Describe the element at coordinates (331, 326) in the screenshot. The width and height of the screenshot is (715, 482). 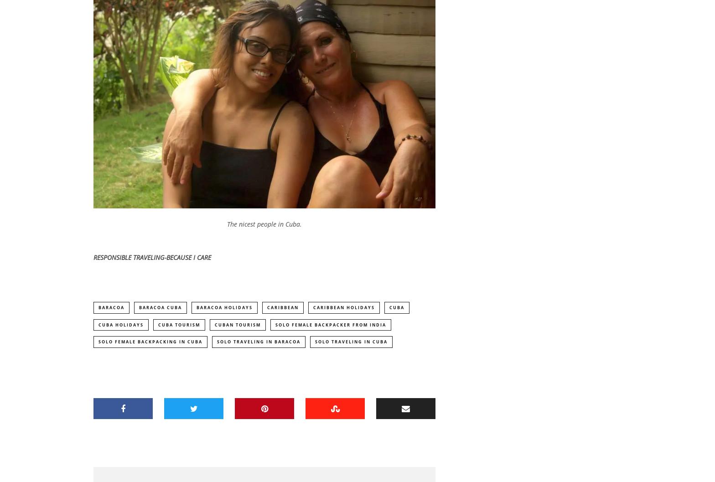
I see `'solo female backpacker from India'` at that location.